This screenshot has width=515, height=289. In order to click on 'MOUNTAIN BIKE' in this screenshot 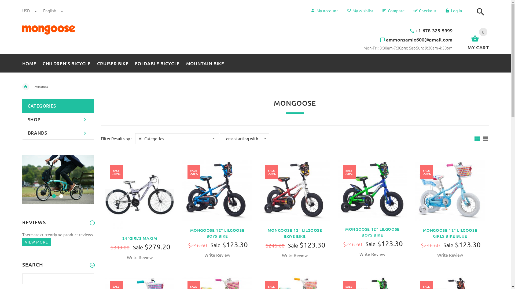, I will do `click(183, 62)`.